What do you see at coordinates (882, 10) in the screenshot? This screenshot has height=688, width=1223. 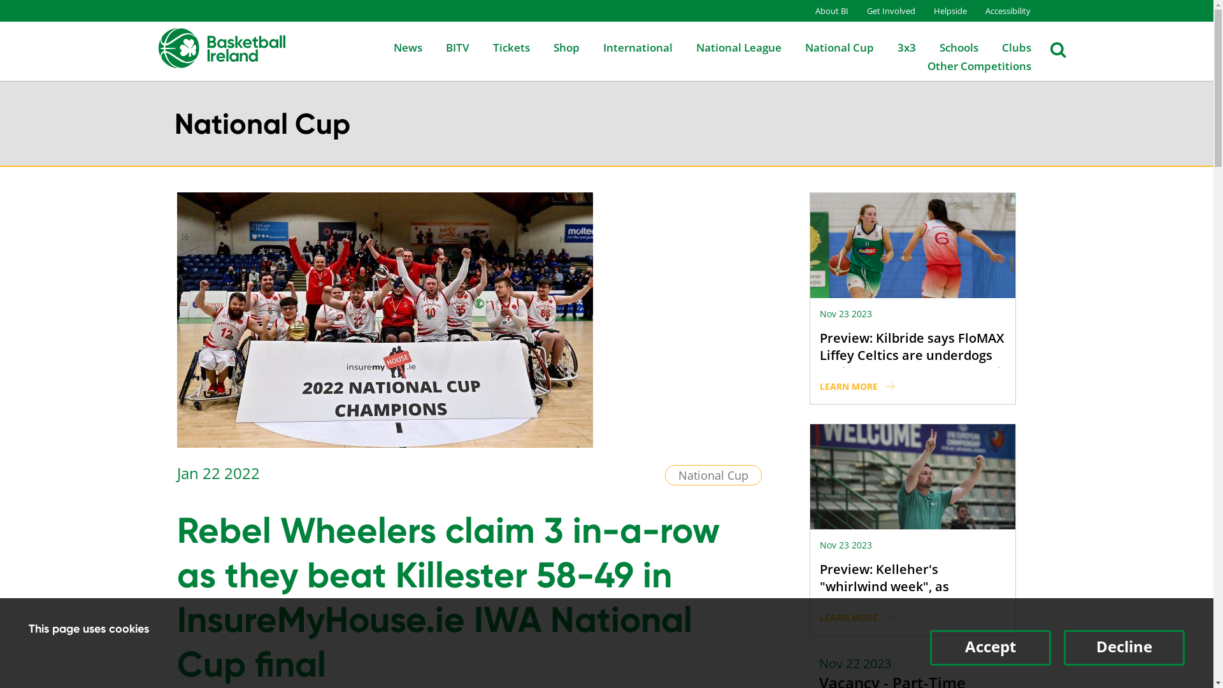 I see `'Get Involved'` at bounding box center [882, 10].